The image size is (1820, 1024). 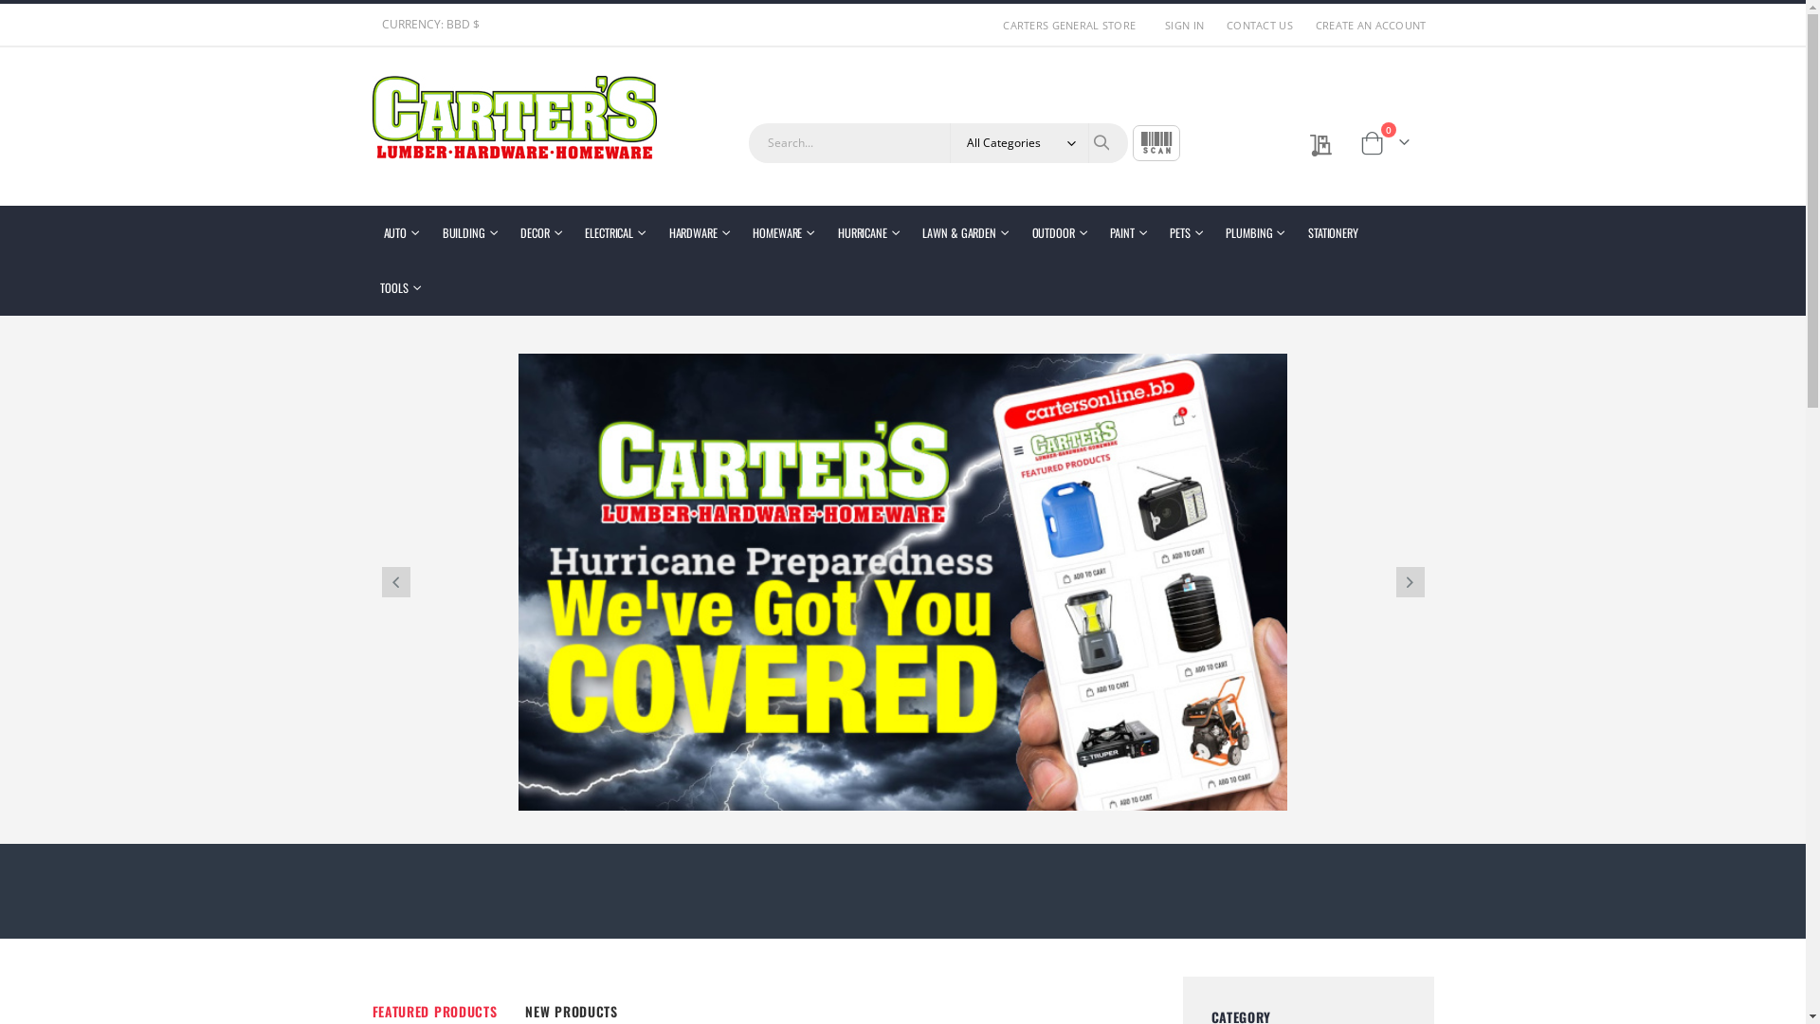 What do you see at coordinates (372, 232) in the screenshot?
I see `'AUTO'` at bounding box center [372, 232].